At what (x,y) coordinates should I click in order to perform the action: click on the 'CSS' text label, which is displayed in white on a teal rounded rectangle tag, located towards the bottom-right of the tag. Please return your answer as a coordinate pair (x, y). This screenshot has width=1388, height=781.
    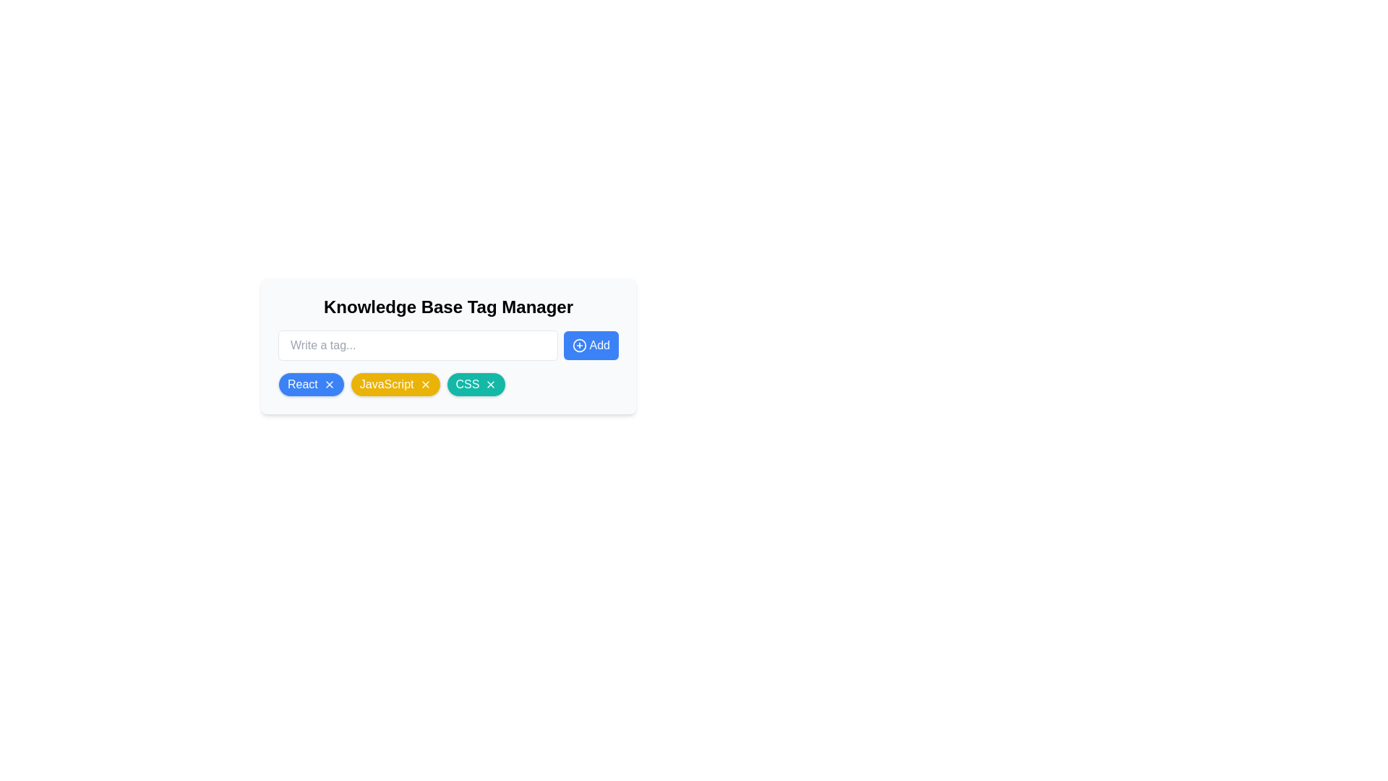
    Looking at the image, I should click on (468, 384).